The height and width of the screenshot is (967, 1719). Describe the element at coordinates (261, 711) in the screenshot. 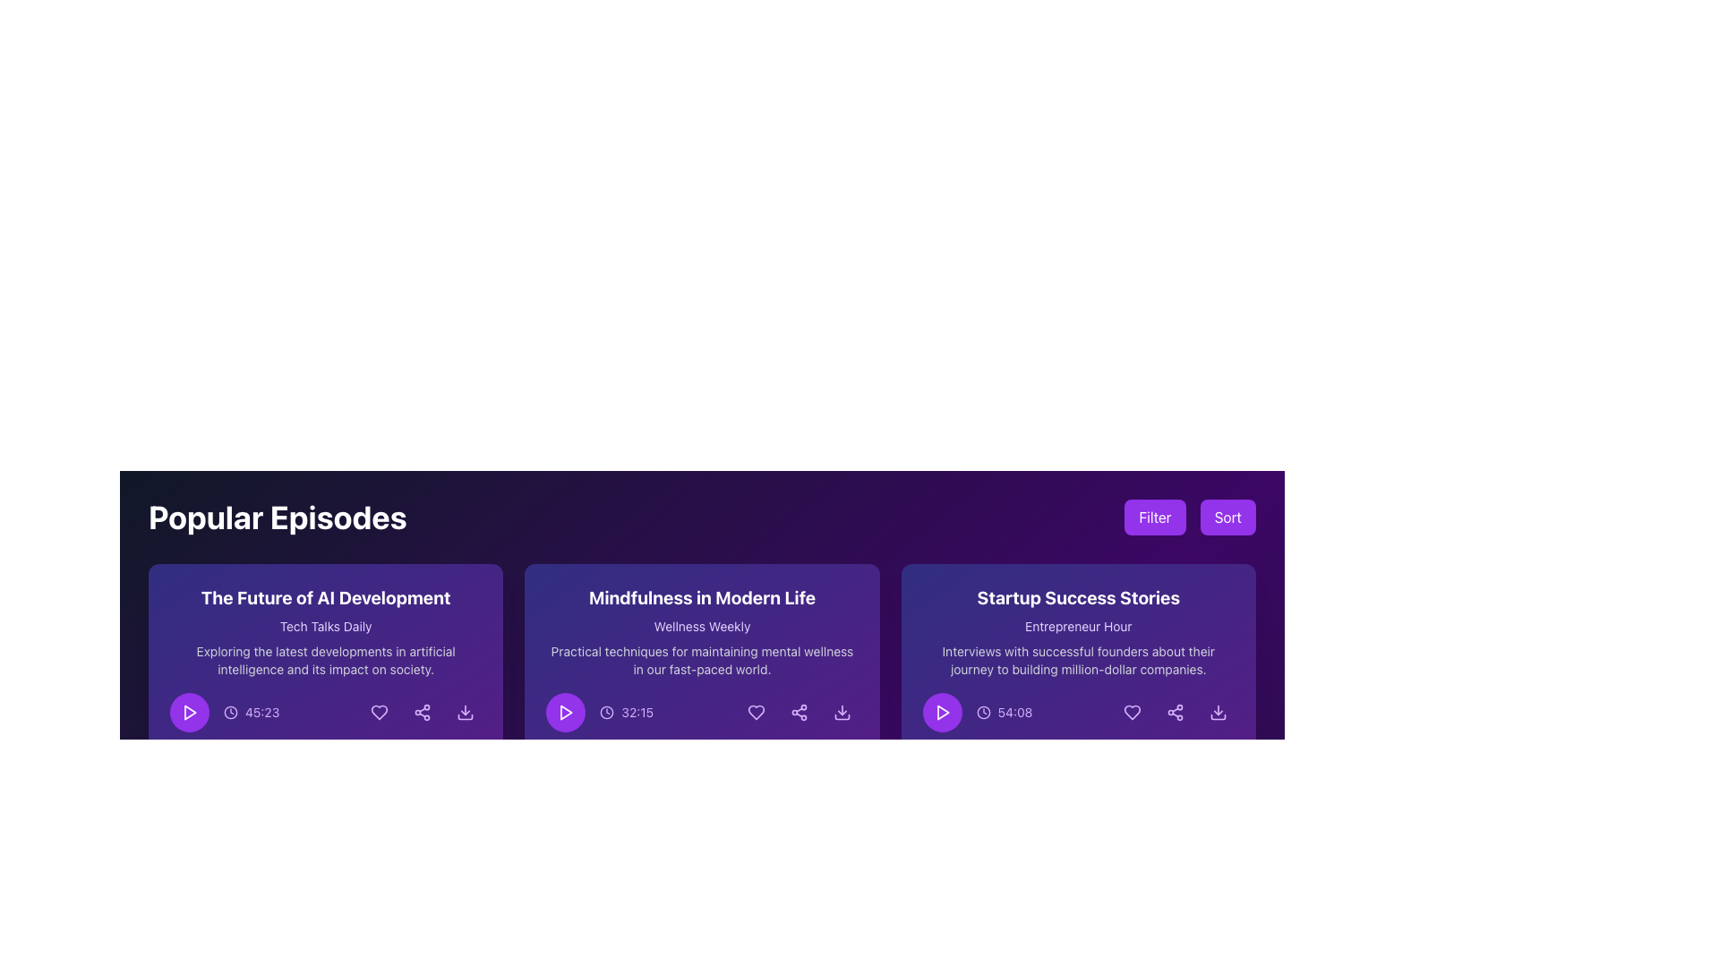

I see `the text display that indicates the duration of the associated episode, located near the lower left corner of the first card in a series of three cards, to the right of a clock icon` at that location.